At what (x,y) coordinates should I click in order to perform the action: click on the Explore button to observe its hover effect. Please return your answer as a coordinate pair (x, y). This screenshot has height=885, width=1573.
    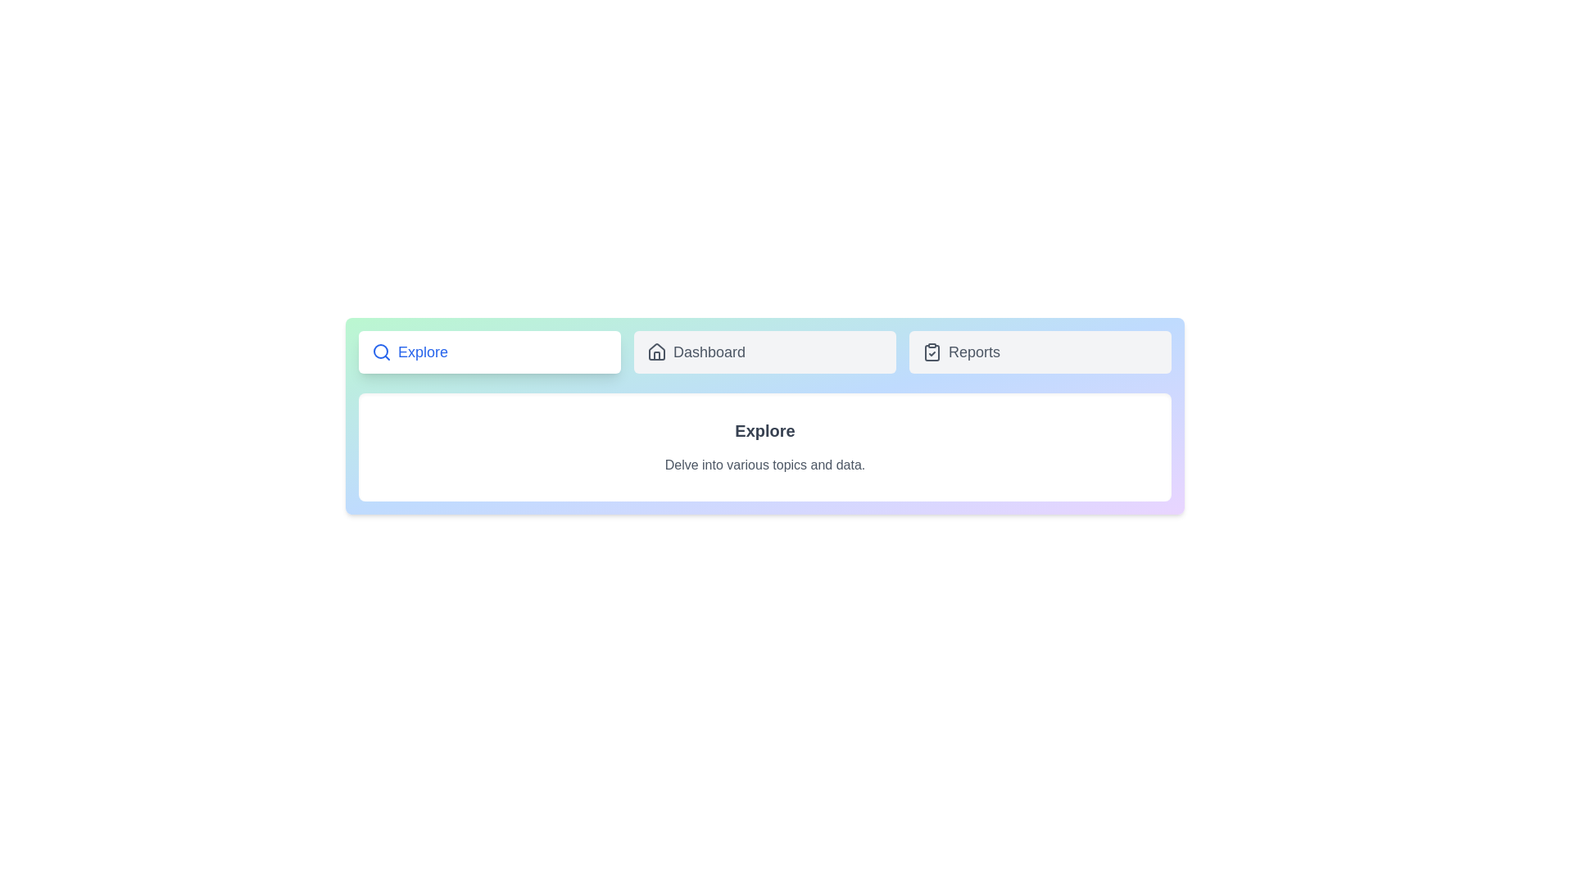
    Looking at the image, I should click on (489, 351).